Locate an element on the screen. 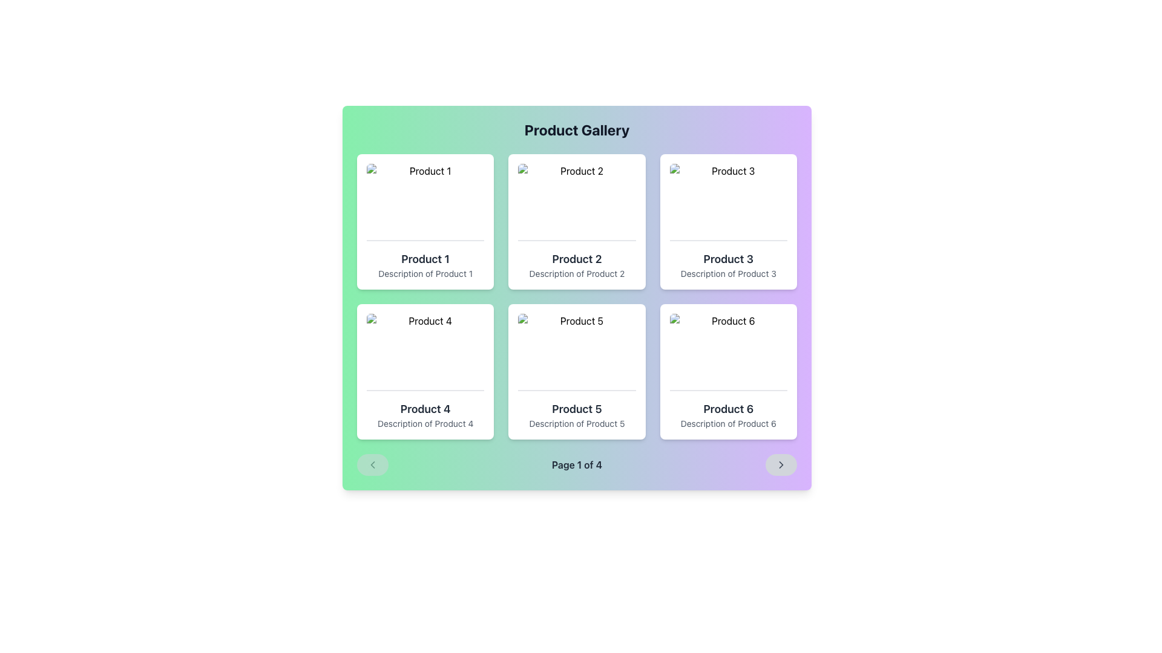 This screenshot has height=653, width=1162. the text label that describes 'Product 1', which is styled with a small grey font and located below the title in the product card is located at coordinates (425, 273).